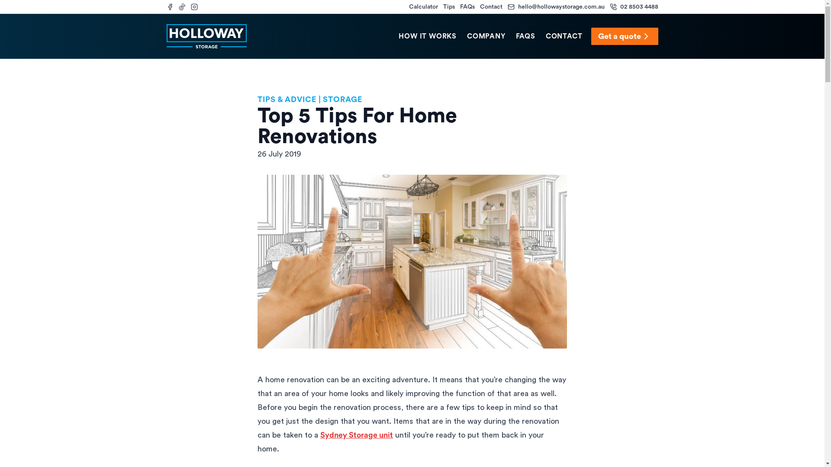  Describe the element at coordinates (423, 6) in the screenshot. I see `'Calculator'` at that location.